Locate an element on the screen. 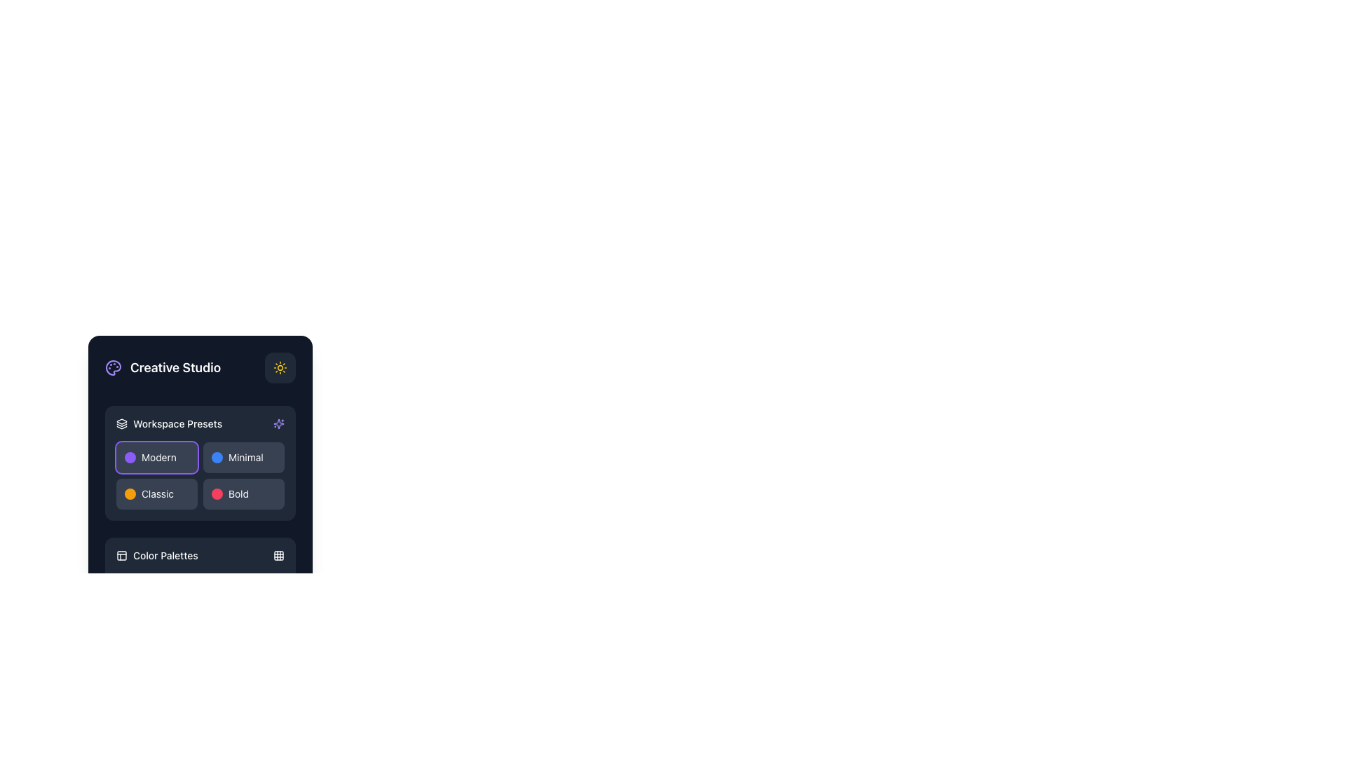 Image resolution: width=1346 pixels, height=757 pixels. the amber-colored circle next to the 'Classic' text within the button in the 'Workspace Presets' section is located at coordinates (130, 493).